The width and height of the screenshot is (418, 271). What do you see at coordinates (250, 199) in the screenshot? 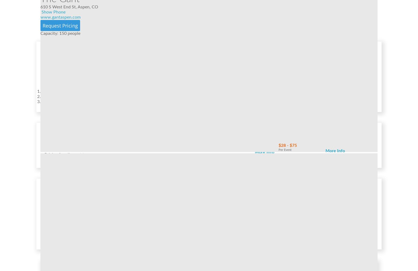
I see `'Conundrum'` at bounding box center [250, 199].